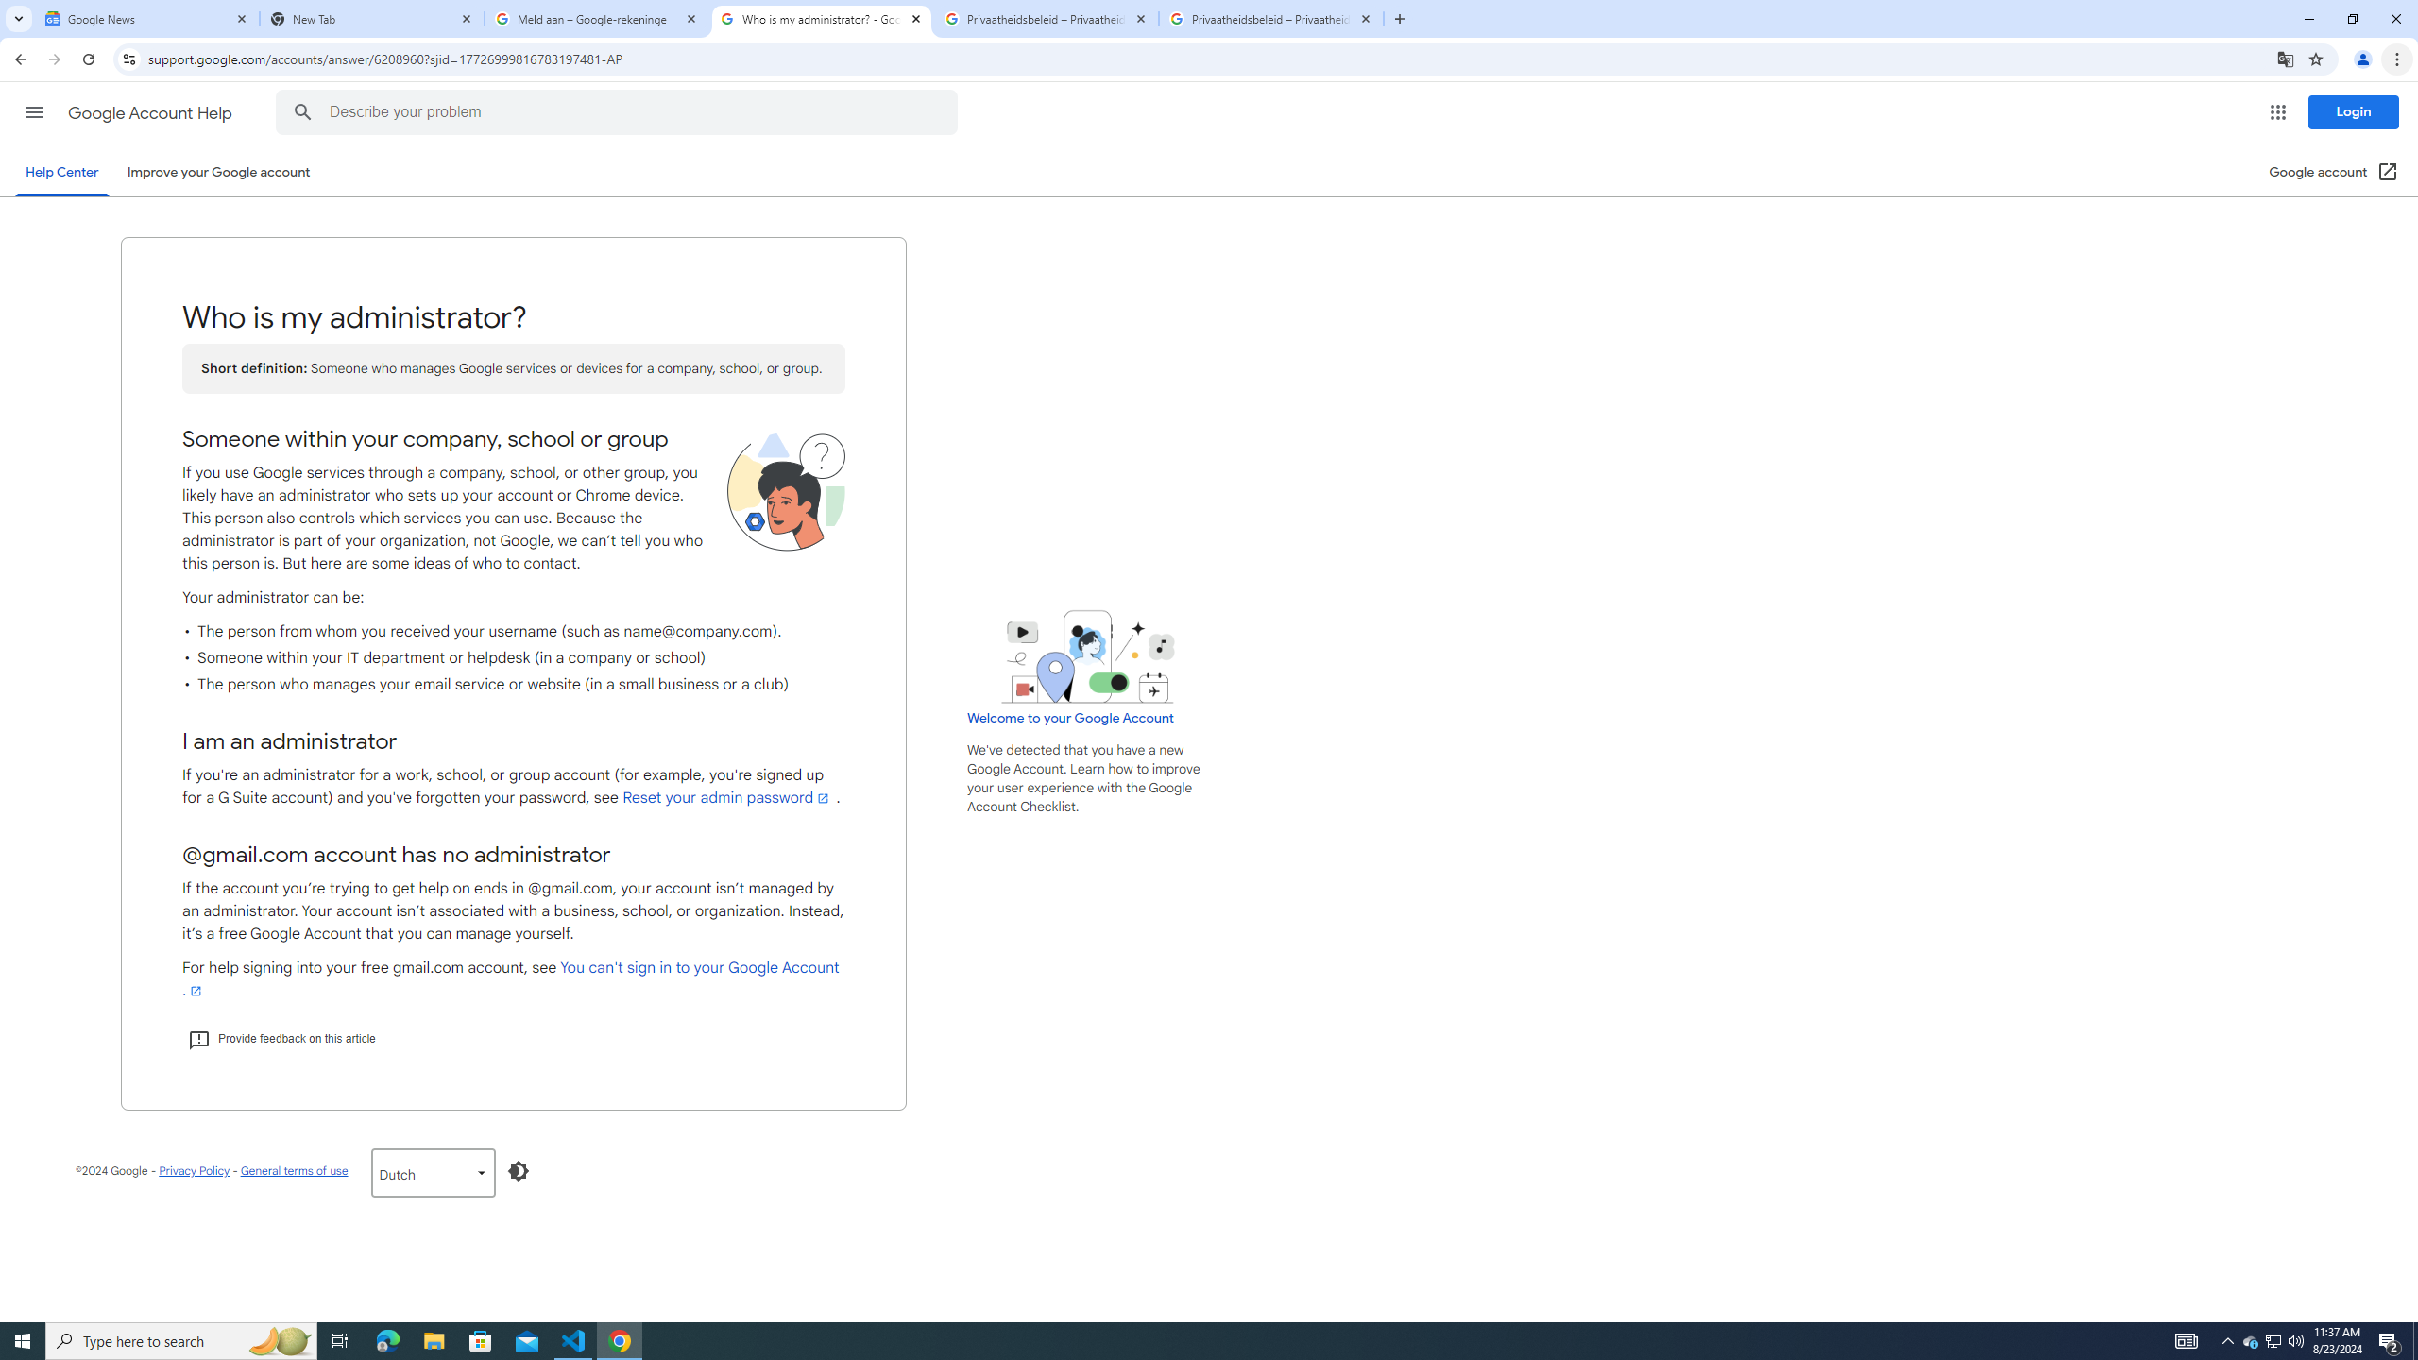  I want to click on 'Who is my administrator? - Google Account Help', so click(821, 18).